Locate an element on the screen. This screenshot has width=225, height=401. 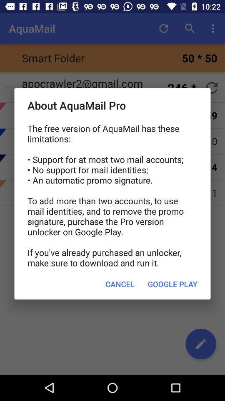
item next to google play is located at coordinates (120, 284).